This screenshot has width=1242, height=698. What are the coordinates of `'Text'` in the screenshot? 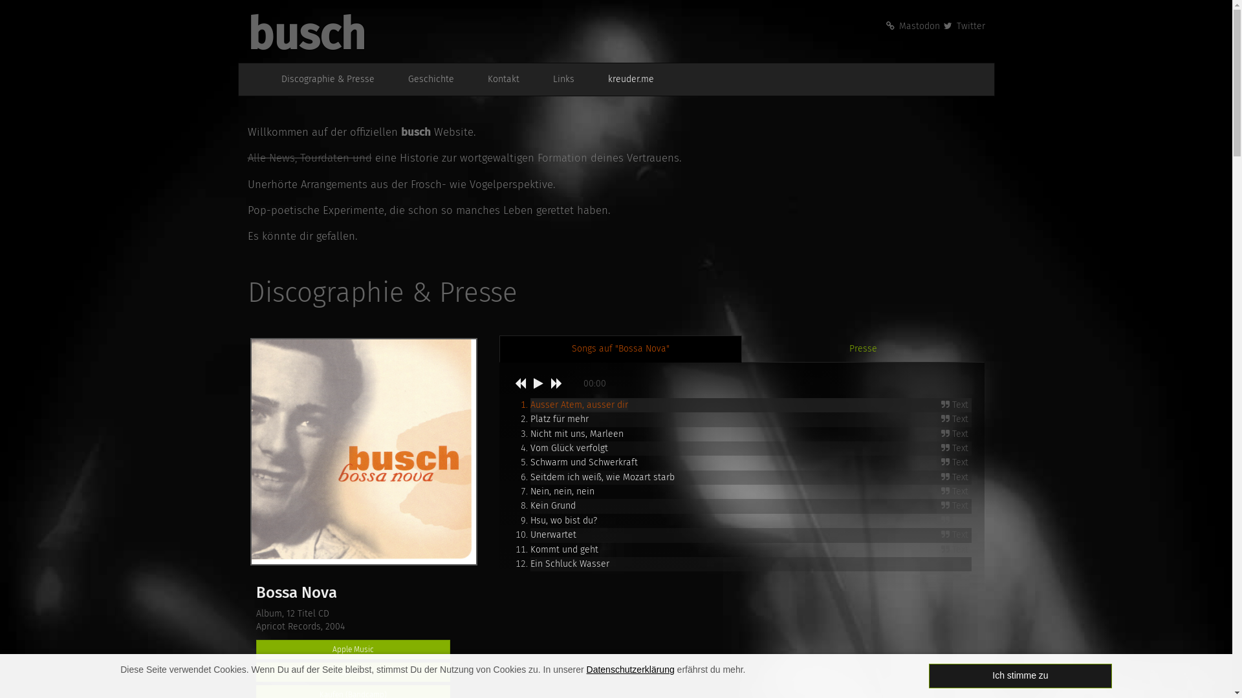 It's located at (956, 535).